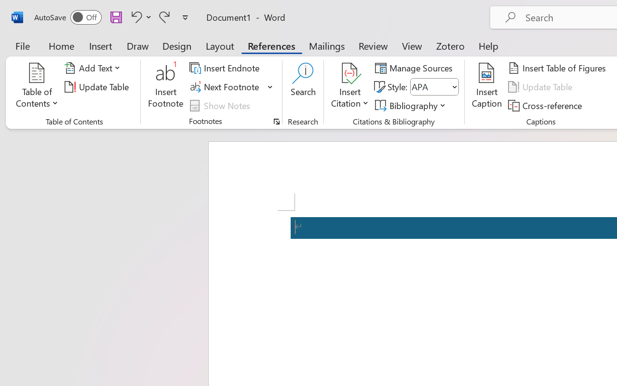  Describe the element at coordinates (416, 68) in the screenshot. I see `'Manage Sources...'` at that location.